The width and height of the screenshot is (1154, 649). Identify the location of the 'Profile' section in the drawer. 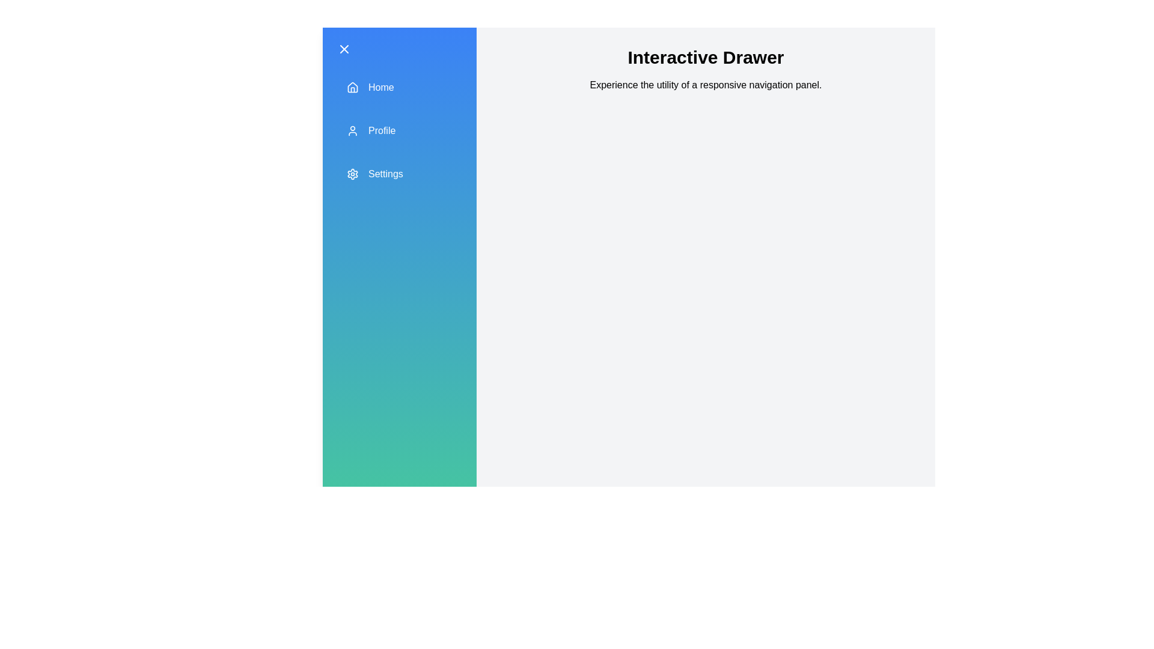
(400, 131).